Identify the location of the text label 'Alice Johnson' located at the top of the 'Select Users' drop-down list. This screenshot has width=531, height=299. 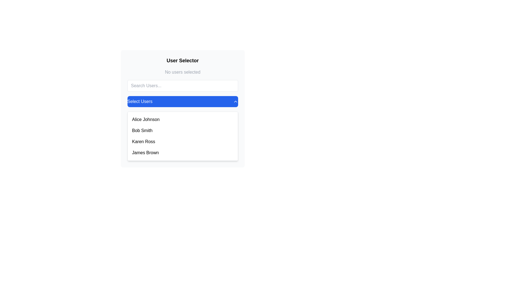
(146, 119).